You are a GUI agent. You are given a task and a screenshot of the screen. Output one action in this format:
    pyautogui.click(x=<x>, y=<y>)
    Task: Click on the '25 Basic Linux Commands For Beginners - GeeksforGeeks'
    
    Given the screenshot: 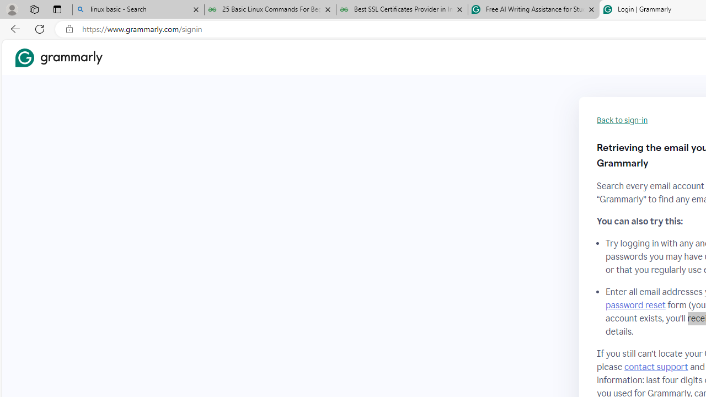 What is the action you would take?
    pyautogui.click(x=270, y=9)
    